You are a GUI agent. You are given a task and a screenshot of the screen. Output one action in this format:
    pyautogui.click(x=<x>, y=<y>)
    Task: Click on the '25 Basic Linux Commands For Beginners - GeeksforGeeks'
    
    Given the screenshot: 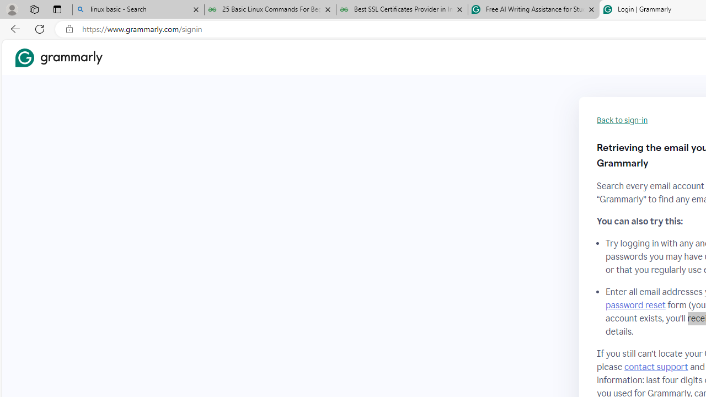 What is the action you would take?
    pyautogui.click(x=270, y=9)
    